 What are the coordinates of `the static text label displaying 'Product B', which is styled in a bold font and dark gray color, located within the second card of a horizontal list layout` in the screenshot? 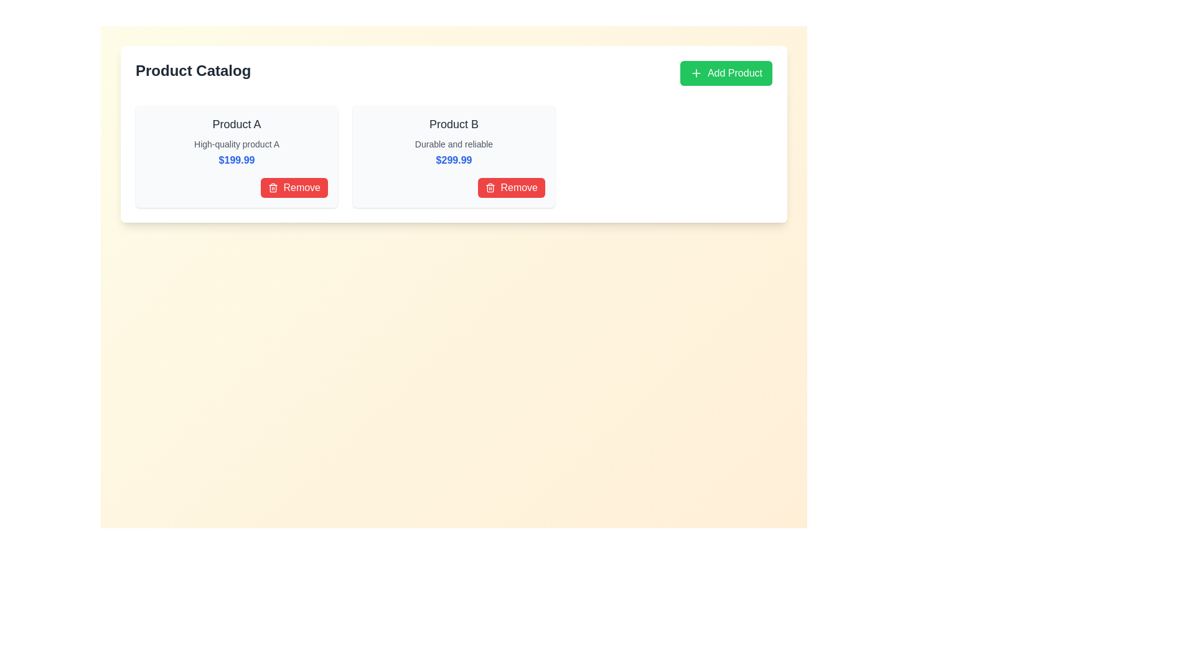 It's located at (453, 124).